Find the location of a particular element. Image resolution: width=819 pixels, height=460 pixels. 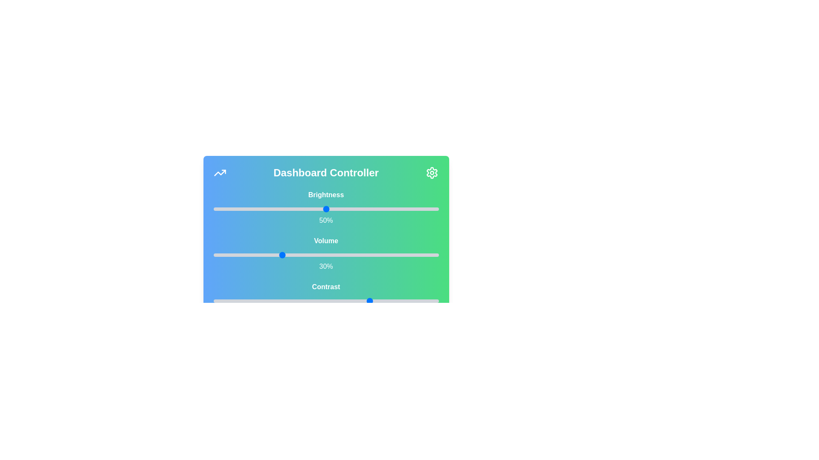

the volume slider to 26% is located at coordinates (271, 254).